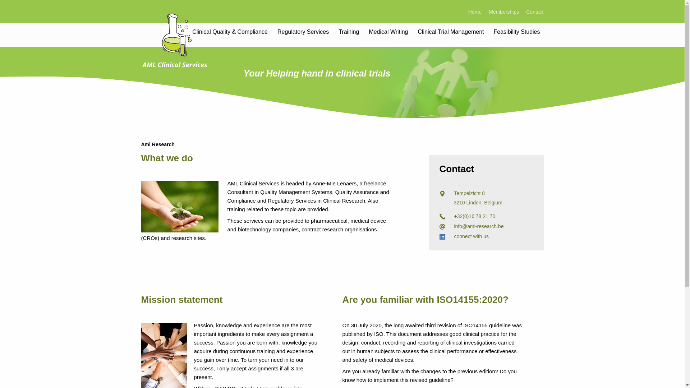  I want to click on 'Contact', so click(531, 12).